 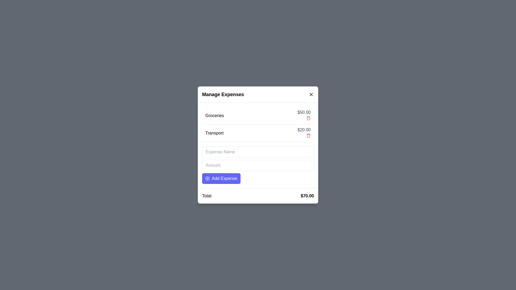 What do you see at coordinates (308, 118) in the screenshot?
I see `the delete button located to the right of the '$50.00' text` at bounding box center [308, 118].